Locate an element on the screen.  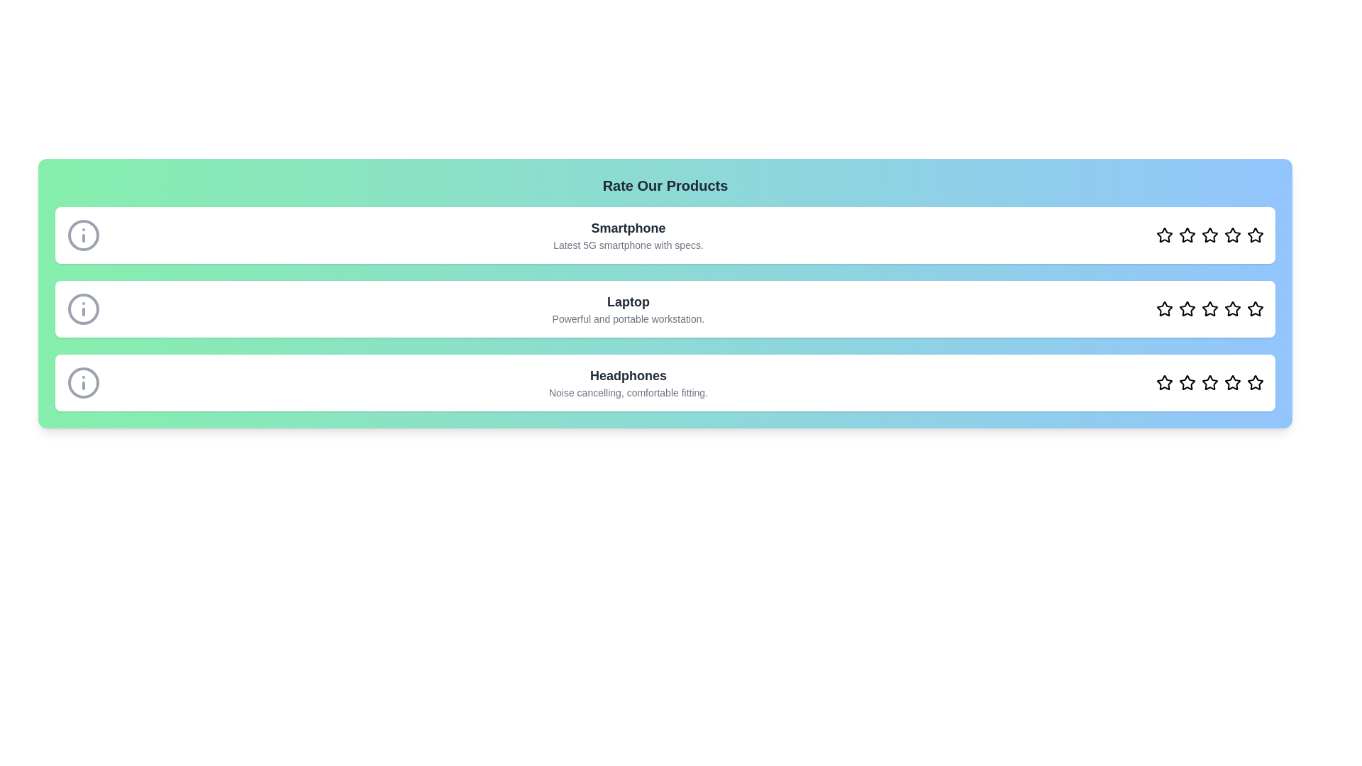
the 'Laptop' text label is located at coordinates (628, 301).